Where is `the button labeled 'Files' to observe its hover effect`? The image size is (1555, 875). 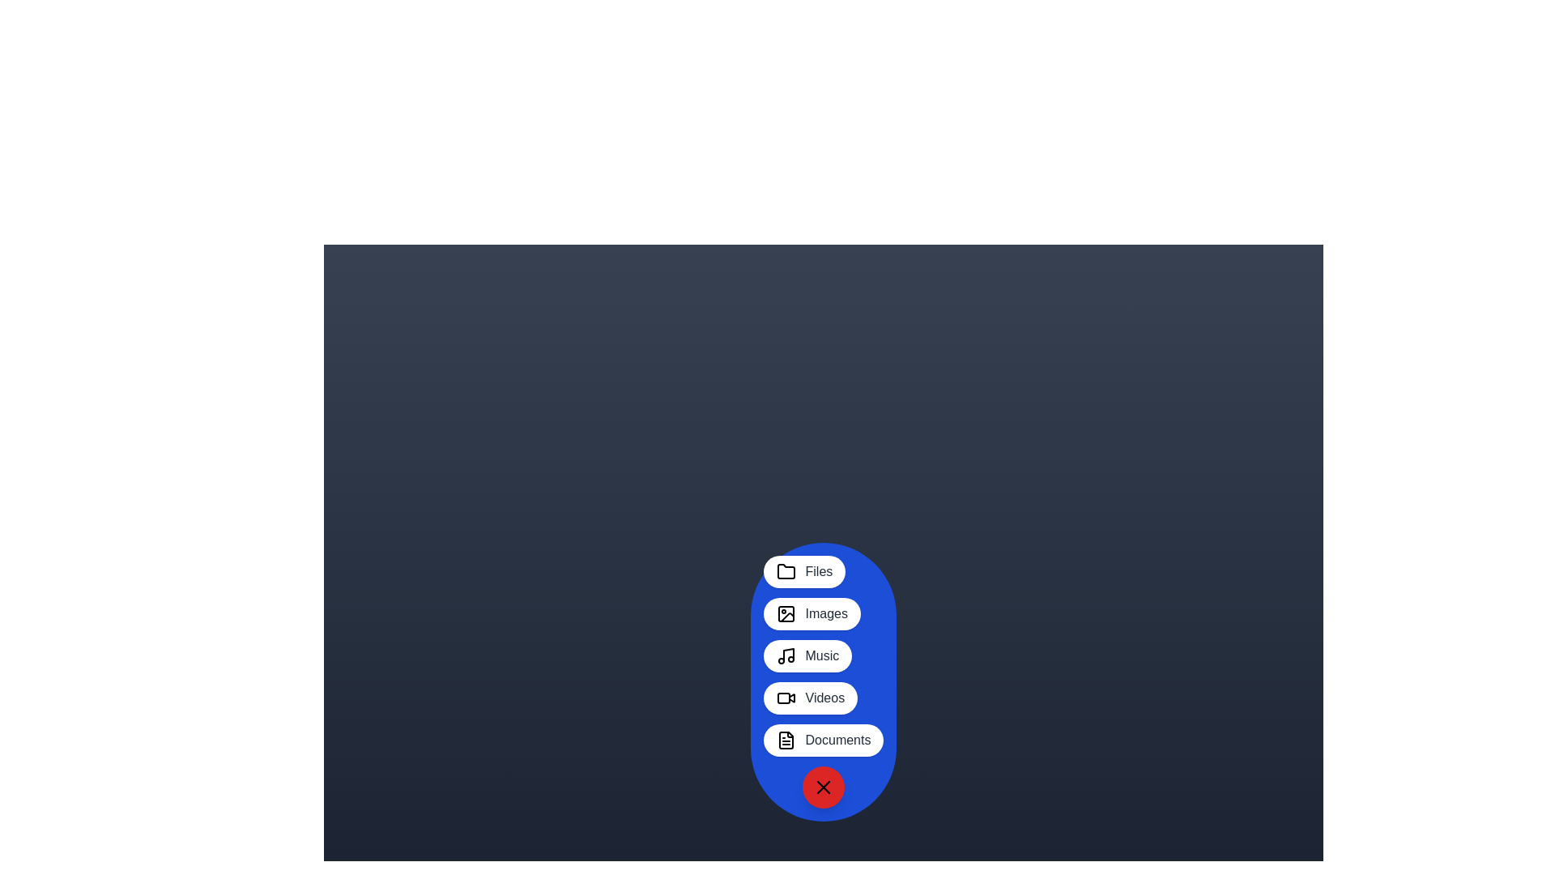
the button labeled 'Files' to observe its hover effect is located at coordinates (804, 570).